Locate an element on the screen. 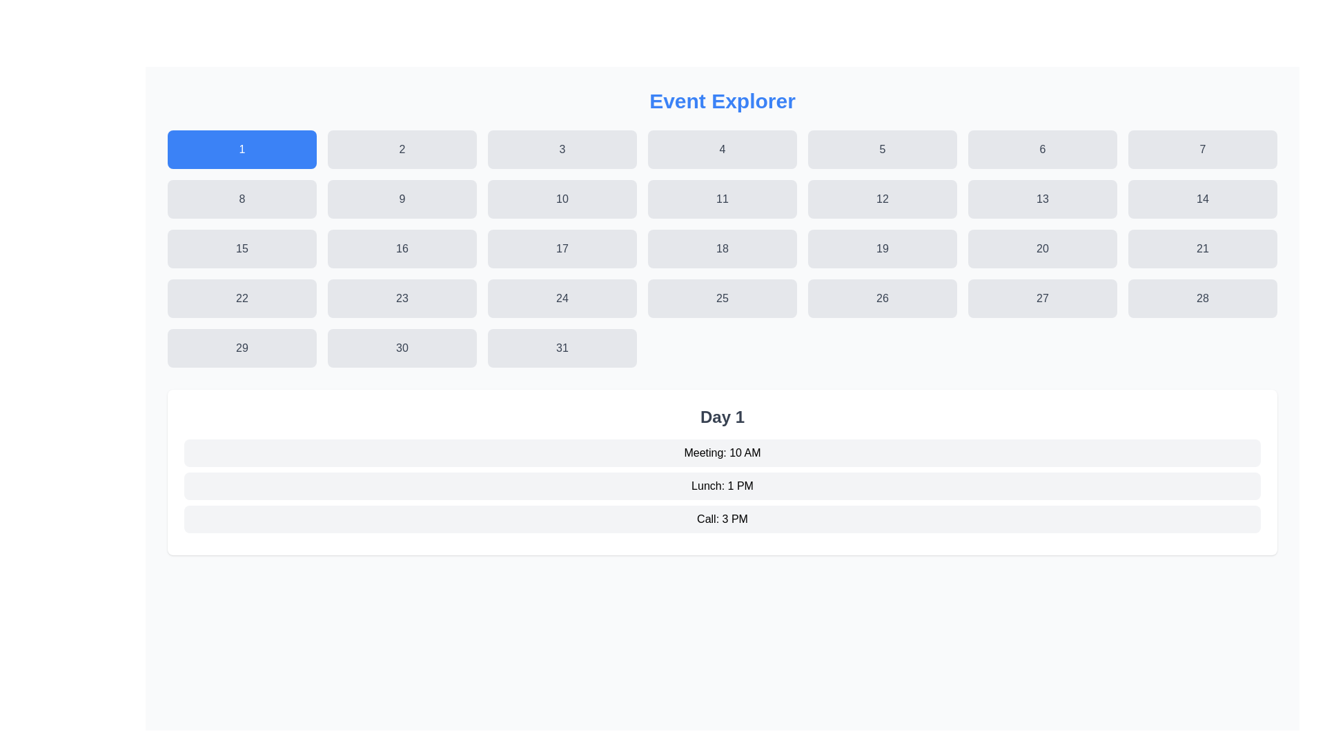 The height and width of the screenshot is (745, 1325). the rectangular button labeled '12' with a gray background and rounded corners, located in the second row, fifth column of the Event Explorer grid is located at coordinates (881, 199).